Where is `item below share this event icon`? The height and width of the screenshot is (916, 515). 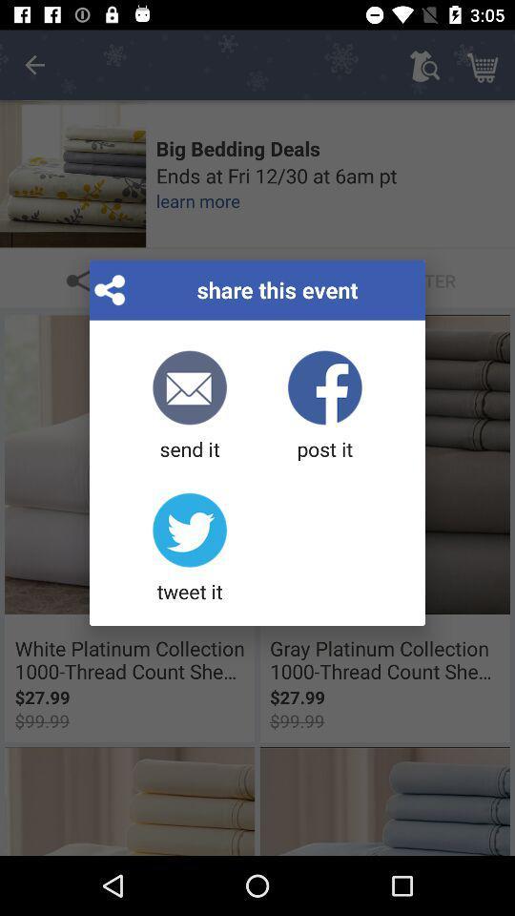 item below share this event icon is located at coordinates (323, 406).